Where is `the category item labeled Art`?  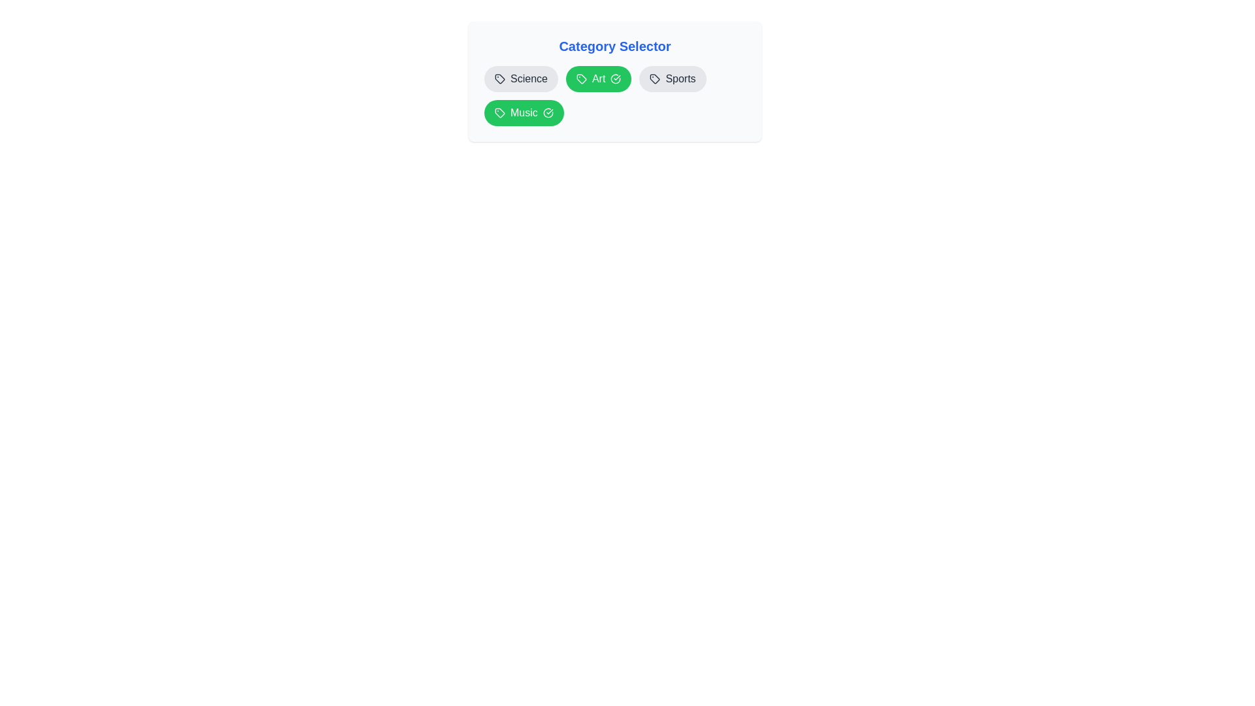 the category item labeled Art is located at coordinates (598, 78).